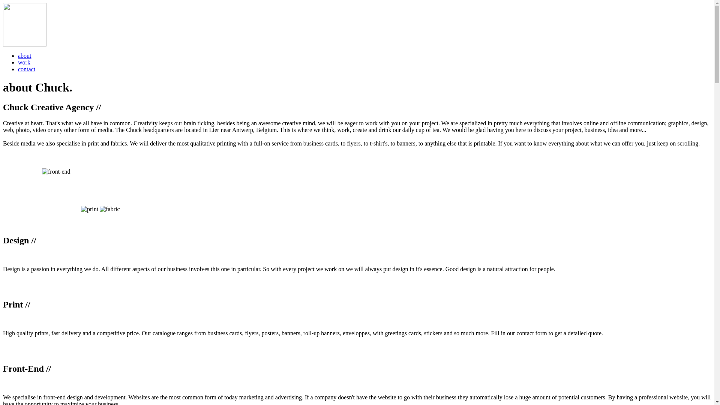  Describe the element at coordinates (24, 62) in the screenshot. I see `'work'` at that location.